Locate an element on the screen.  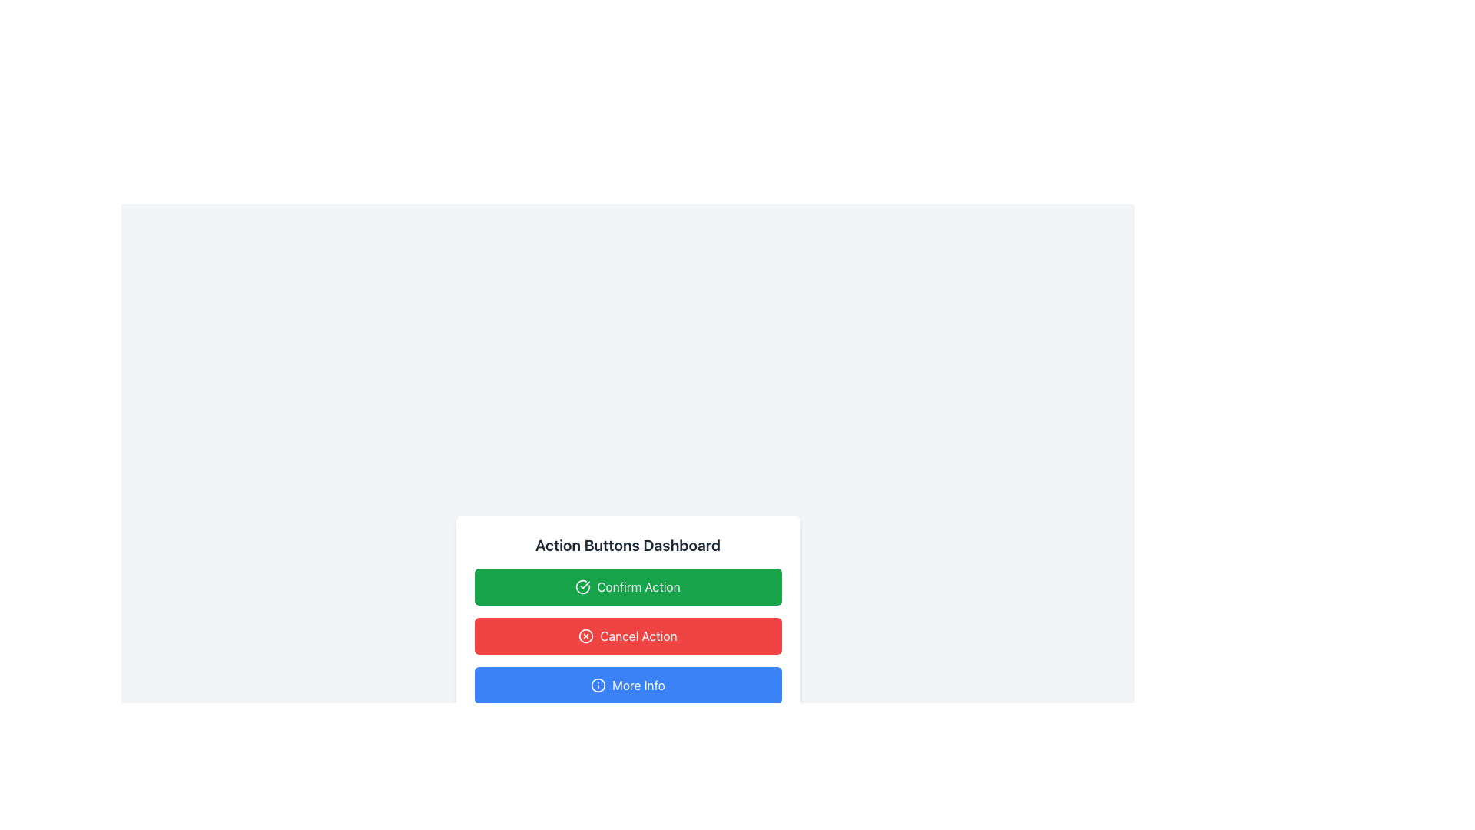
the text label indicating the action represented by the confirm button, which is located within the first green button under the 'Action Buttons Dashboard' is located at coordinates (638, 586).